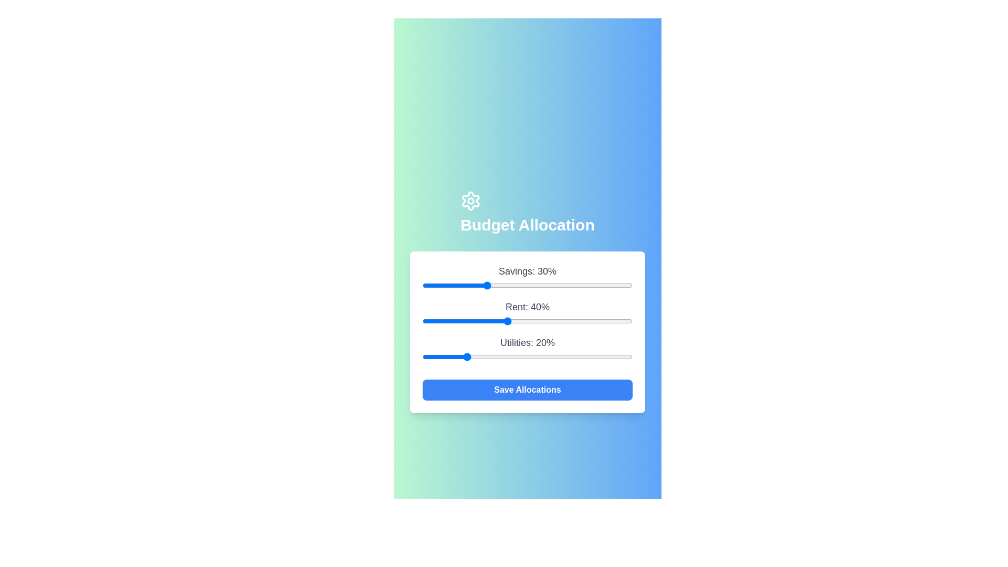 This screenshot has height=567, width=1008. What do you see at coordinates (630, 285) in the screenshot?
I see `the 'Savings' slider to 99%` at bounding box center [630, 285].